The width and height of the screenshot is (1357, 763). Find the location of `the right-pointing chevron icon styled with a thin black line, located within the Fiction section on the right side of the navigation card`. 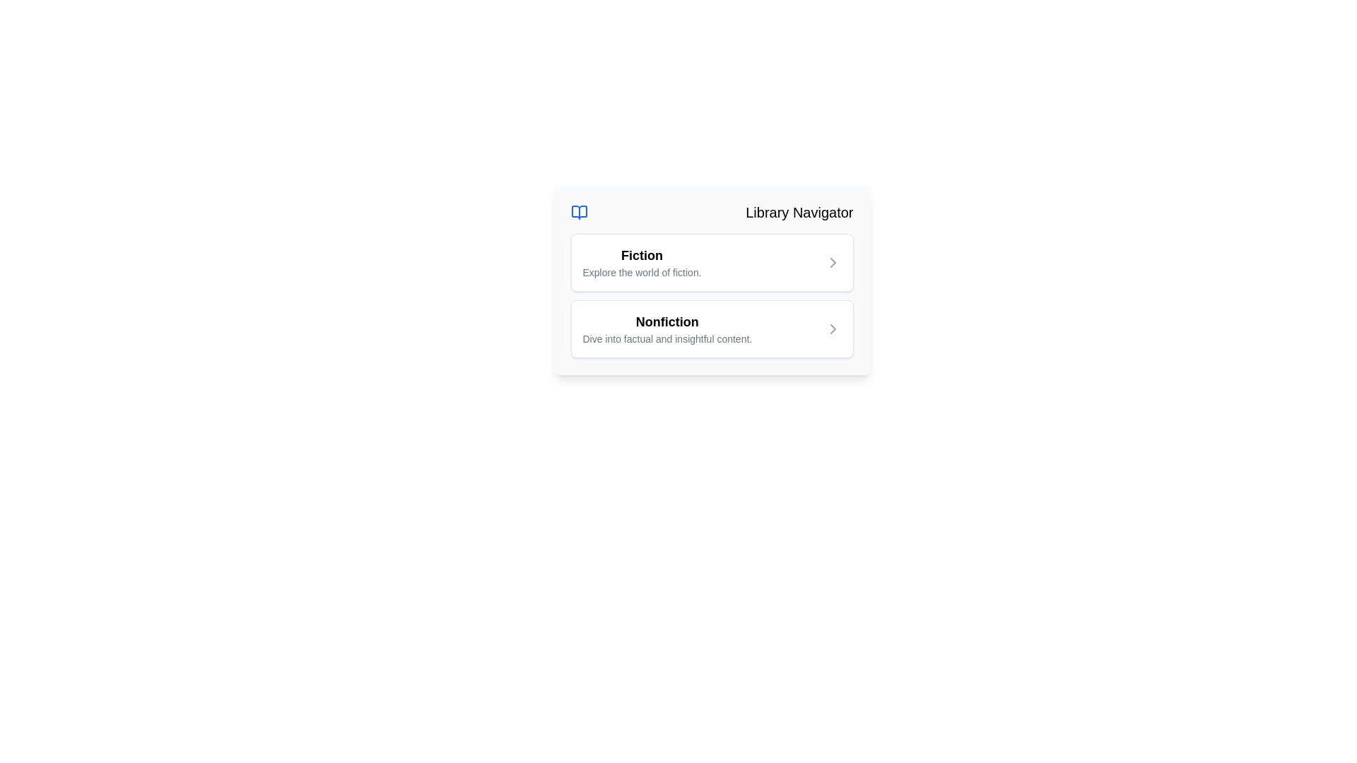

the right-pointing chevron icon styled with a thin black line, located within the Fiction section on the right side of the navigation card is located at coordinates (833, 262).